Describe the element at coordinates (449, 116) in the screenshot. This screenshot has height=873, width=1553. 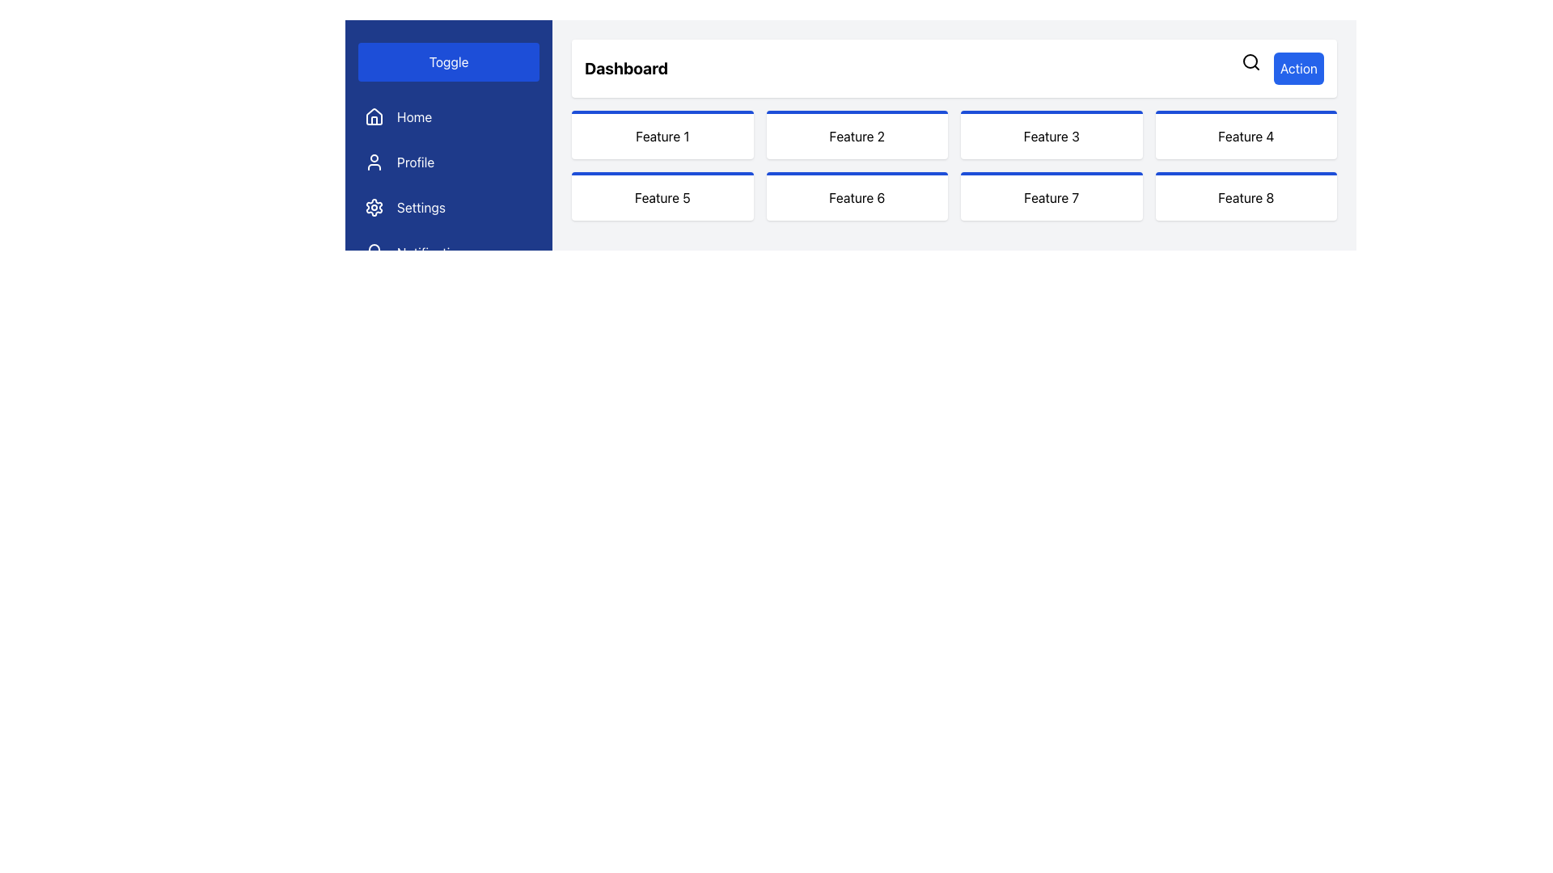
I see `the first button in the vertically arranged menu, located below the 'Toggle' button` at that location.